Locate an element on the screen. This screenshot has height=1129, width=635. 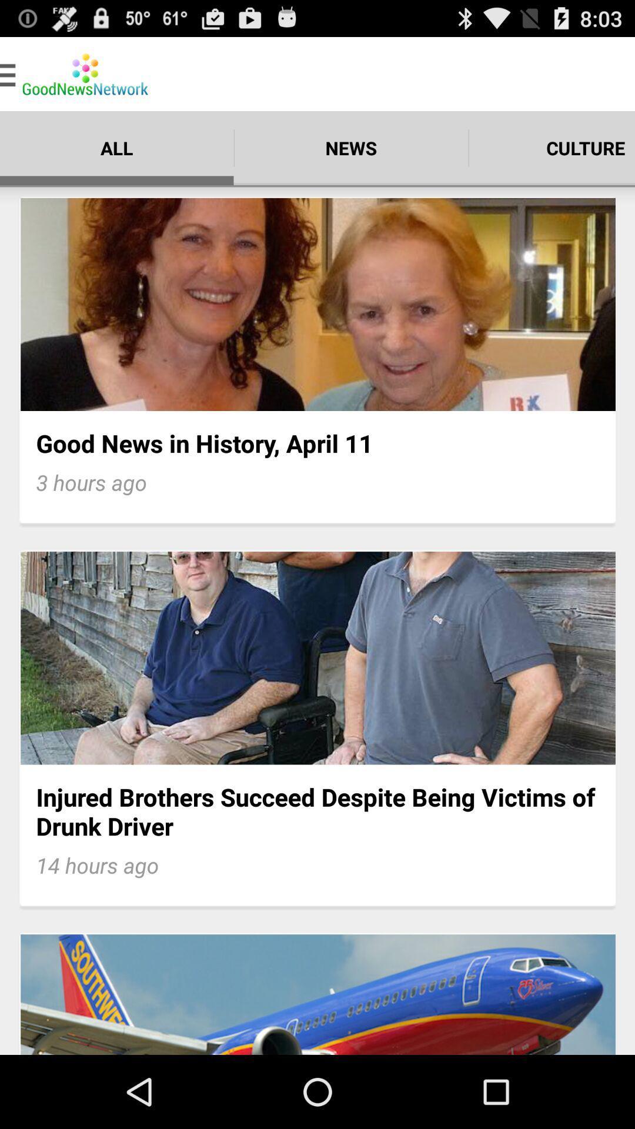
the image which is above good news in history april 11 is located at coordinates (317, 305).